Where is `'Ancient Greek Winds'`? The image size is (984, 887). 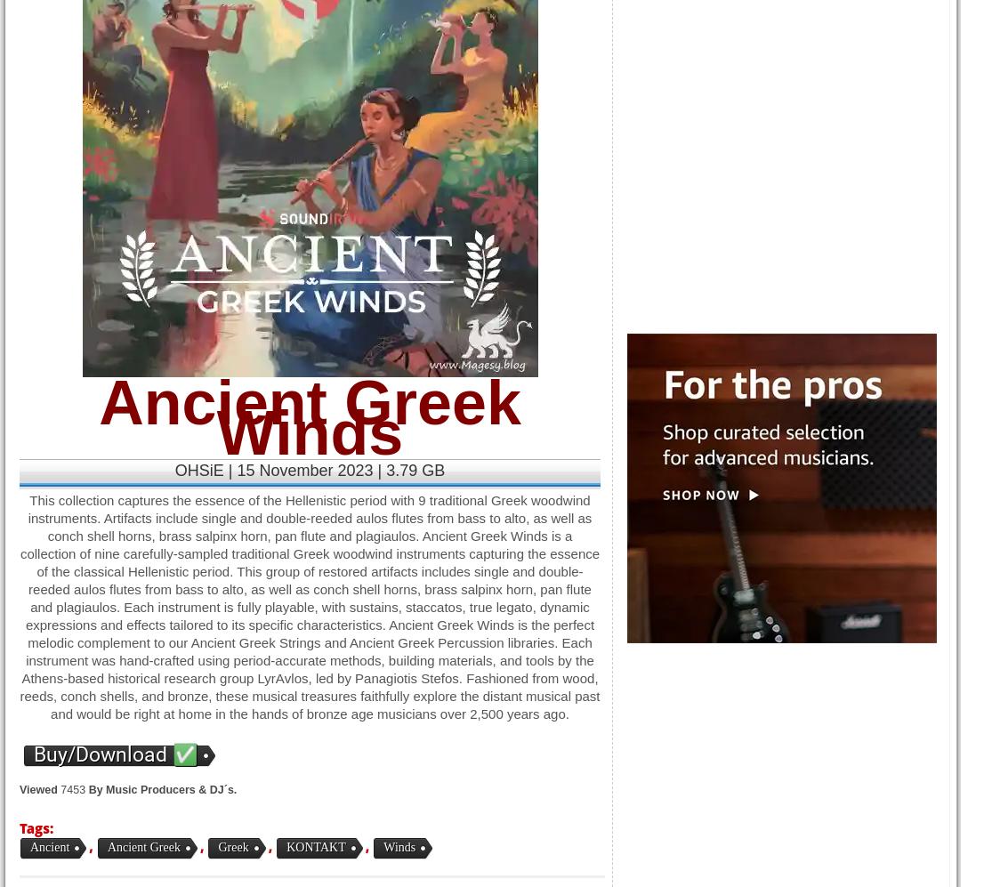
'Ancient Greek Winds' is located at coordinates (309, 417).